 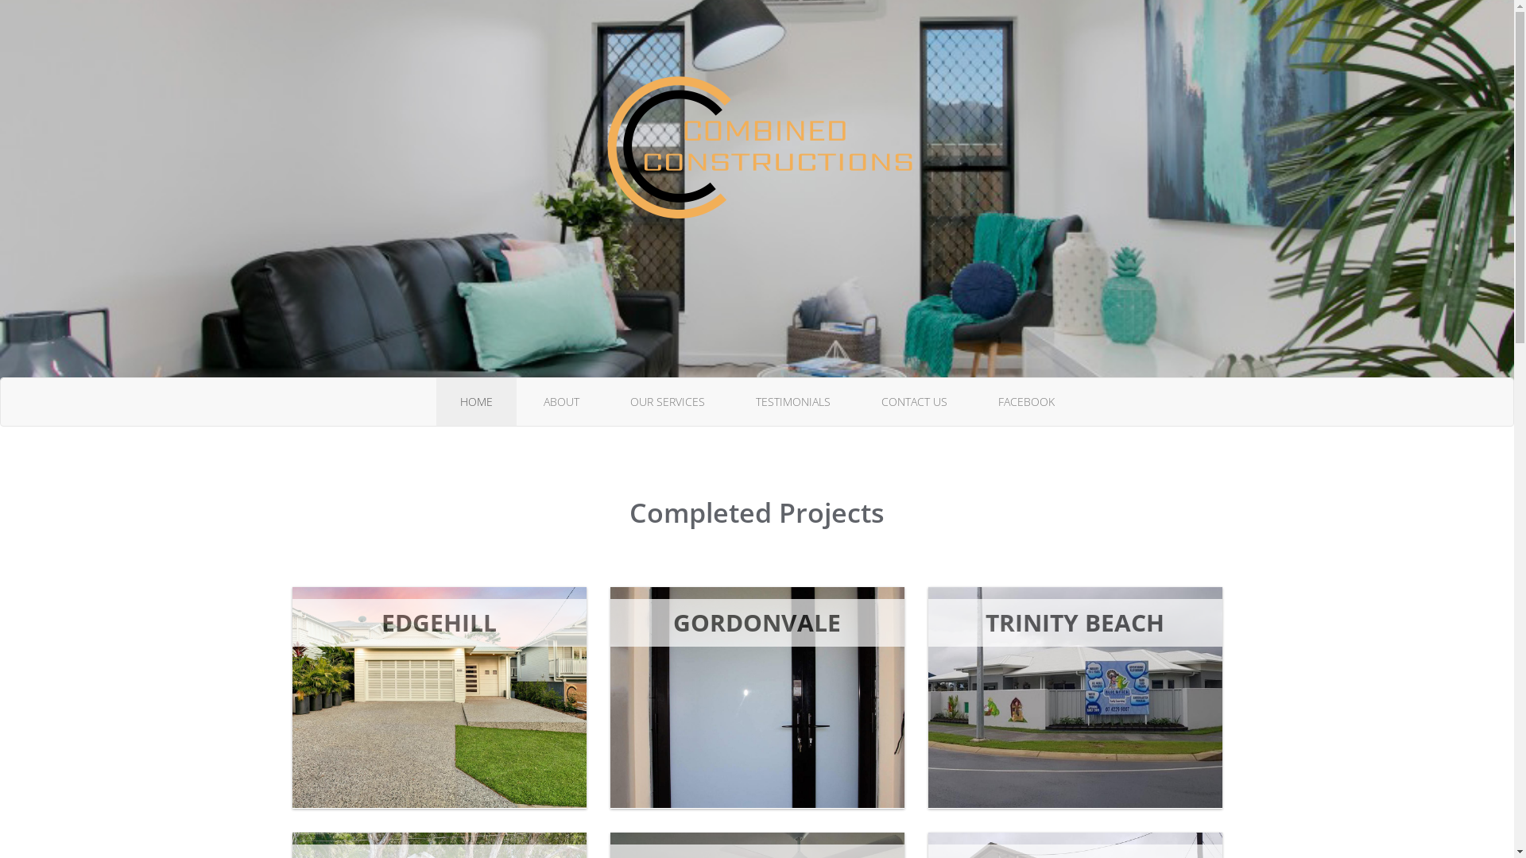 I want to click on 'OUR SERVICES', so click(x=667, y=400).